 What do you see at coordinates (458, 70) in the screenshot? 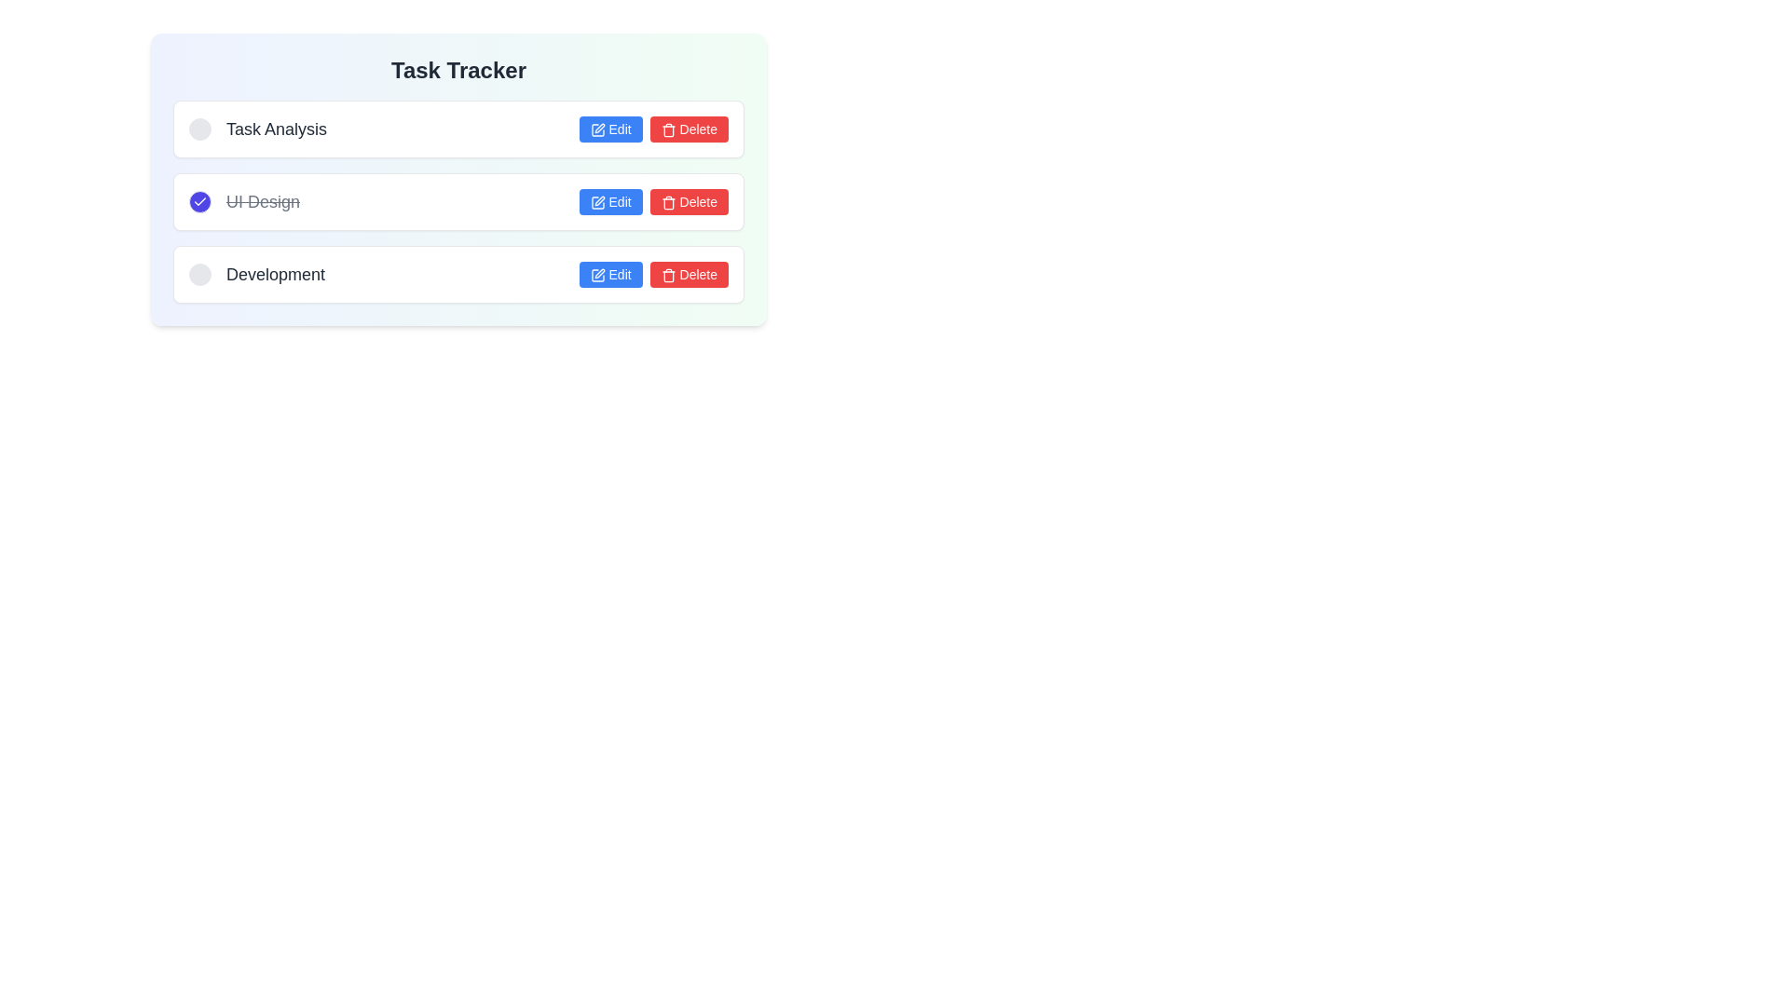
I see `the descriptive header text label for the task tracker interface, which is centrally aligned at the top of the component` at bounding box center [458, 70].